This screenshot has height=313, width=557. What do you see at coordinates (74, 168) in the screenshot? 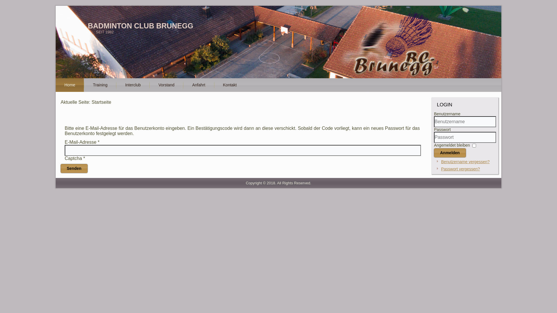
I see `'Senden'` at bounding box center [74, 168].